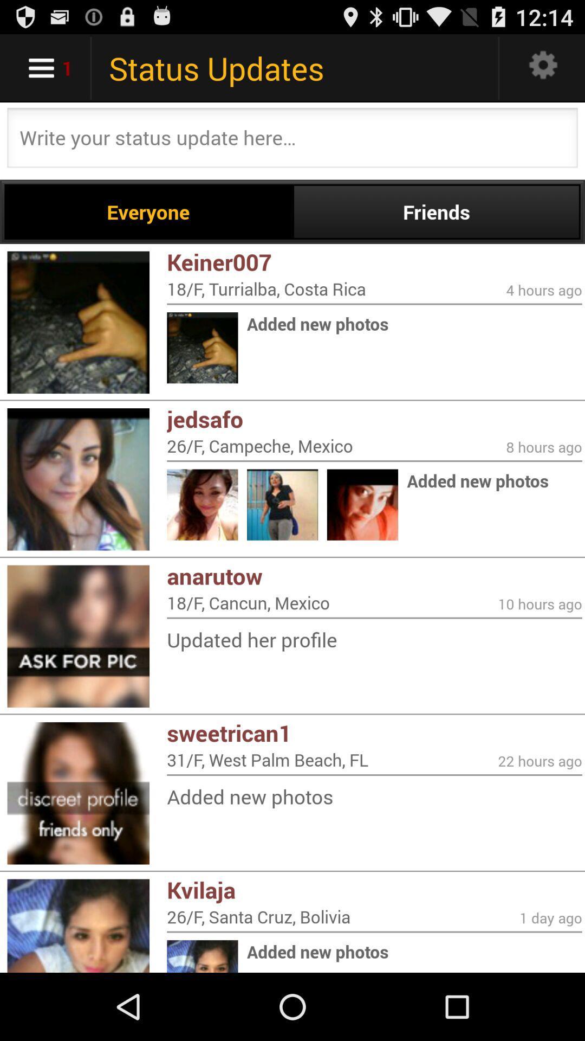  Describe the element at coordinates (374, 262) in the screenshot. I see `app above 18 f turrialba item` at that location.